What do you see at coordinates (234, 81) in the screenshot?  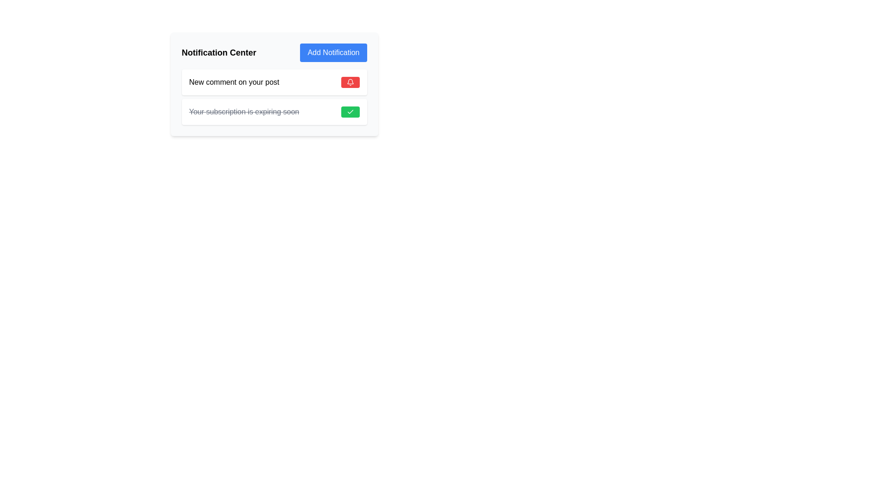 I see `notification text label located in the left section of the rectangular notification box, positioned left of an icon or button` at bounding box center [234, 81].